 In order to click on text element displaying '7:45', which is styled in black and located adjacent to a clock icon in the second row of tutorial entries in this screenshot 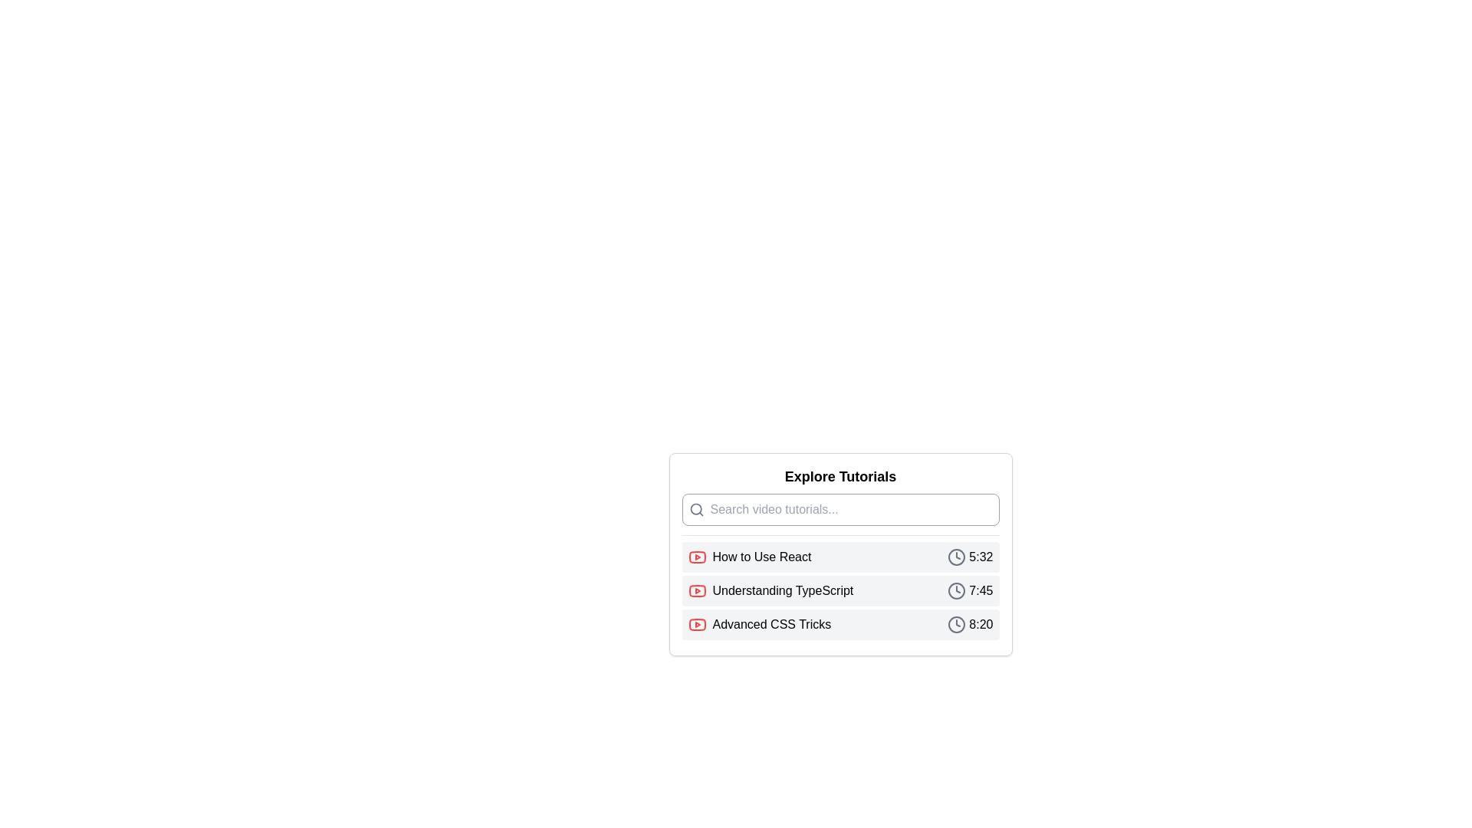, I will do `click(980, 590)`.